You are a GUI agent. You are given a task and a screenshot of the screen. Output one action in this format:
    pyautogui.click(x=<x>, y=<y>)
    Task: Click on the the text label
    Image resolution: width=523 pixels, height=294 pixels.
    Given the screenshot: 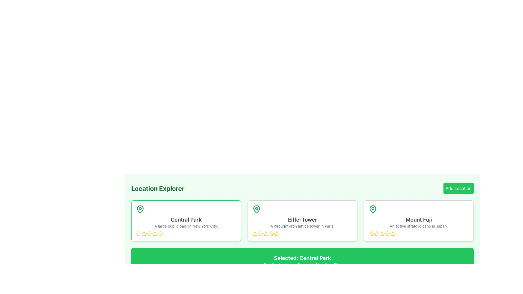 What is the action you would take?
    pyautogui.click(x=418, y=219)
    